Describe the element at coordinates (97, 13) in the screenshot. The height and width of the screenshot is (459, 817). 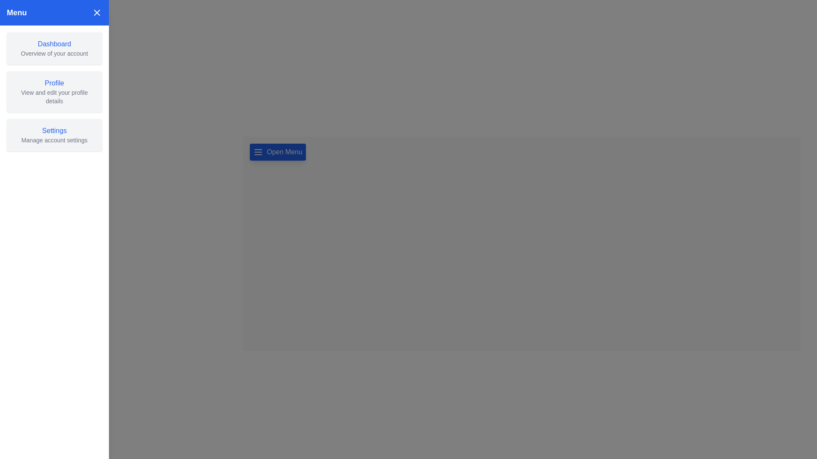
I see `the small 'X' icon located in the top-right corner of the blue bar labeled 'Menu'` at that location.